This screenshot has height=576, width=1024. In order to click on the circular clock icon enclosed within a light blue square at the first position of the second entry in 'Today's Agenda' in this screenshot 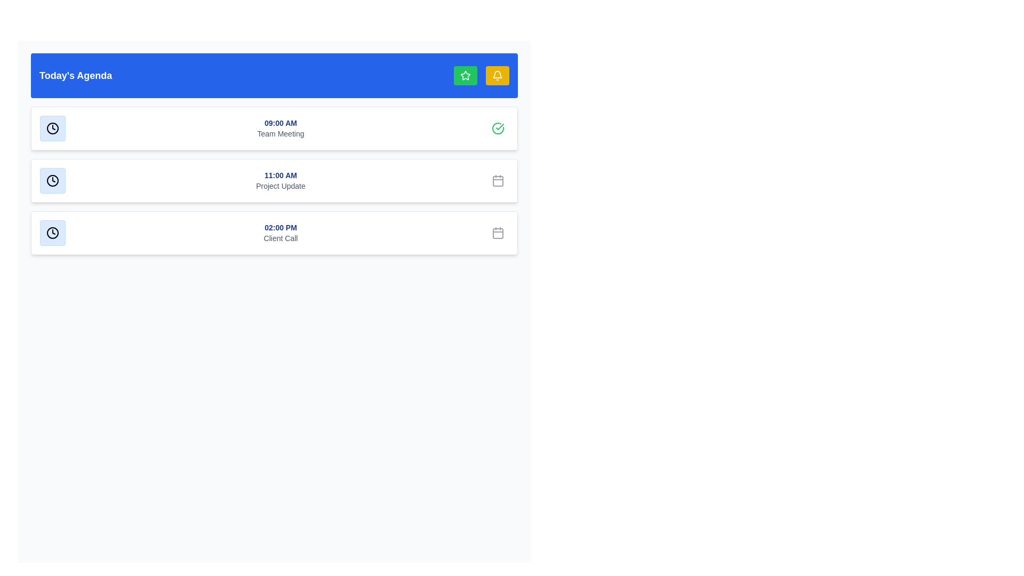, I will do `click(52, 180)`.